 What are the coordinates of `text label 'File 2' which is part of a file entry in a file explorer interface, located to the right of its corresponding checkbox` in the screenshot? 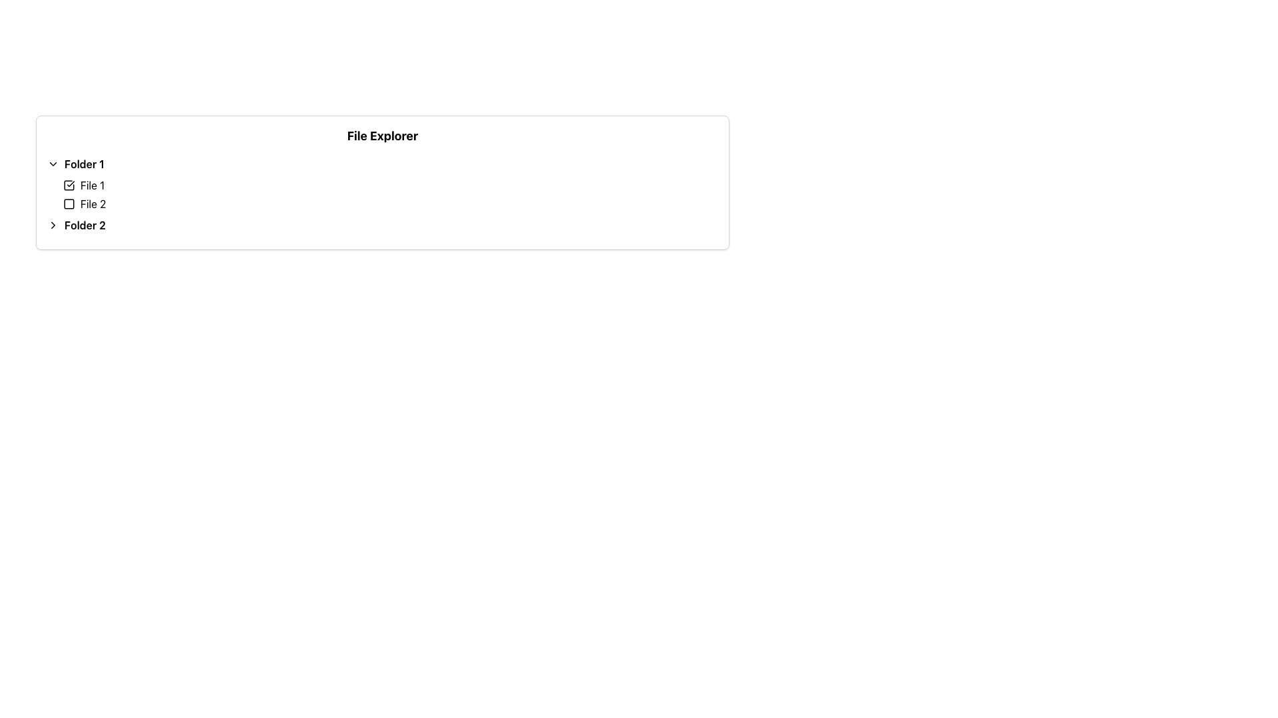 It's located at (93, 204).